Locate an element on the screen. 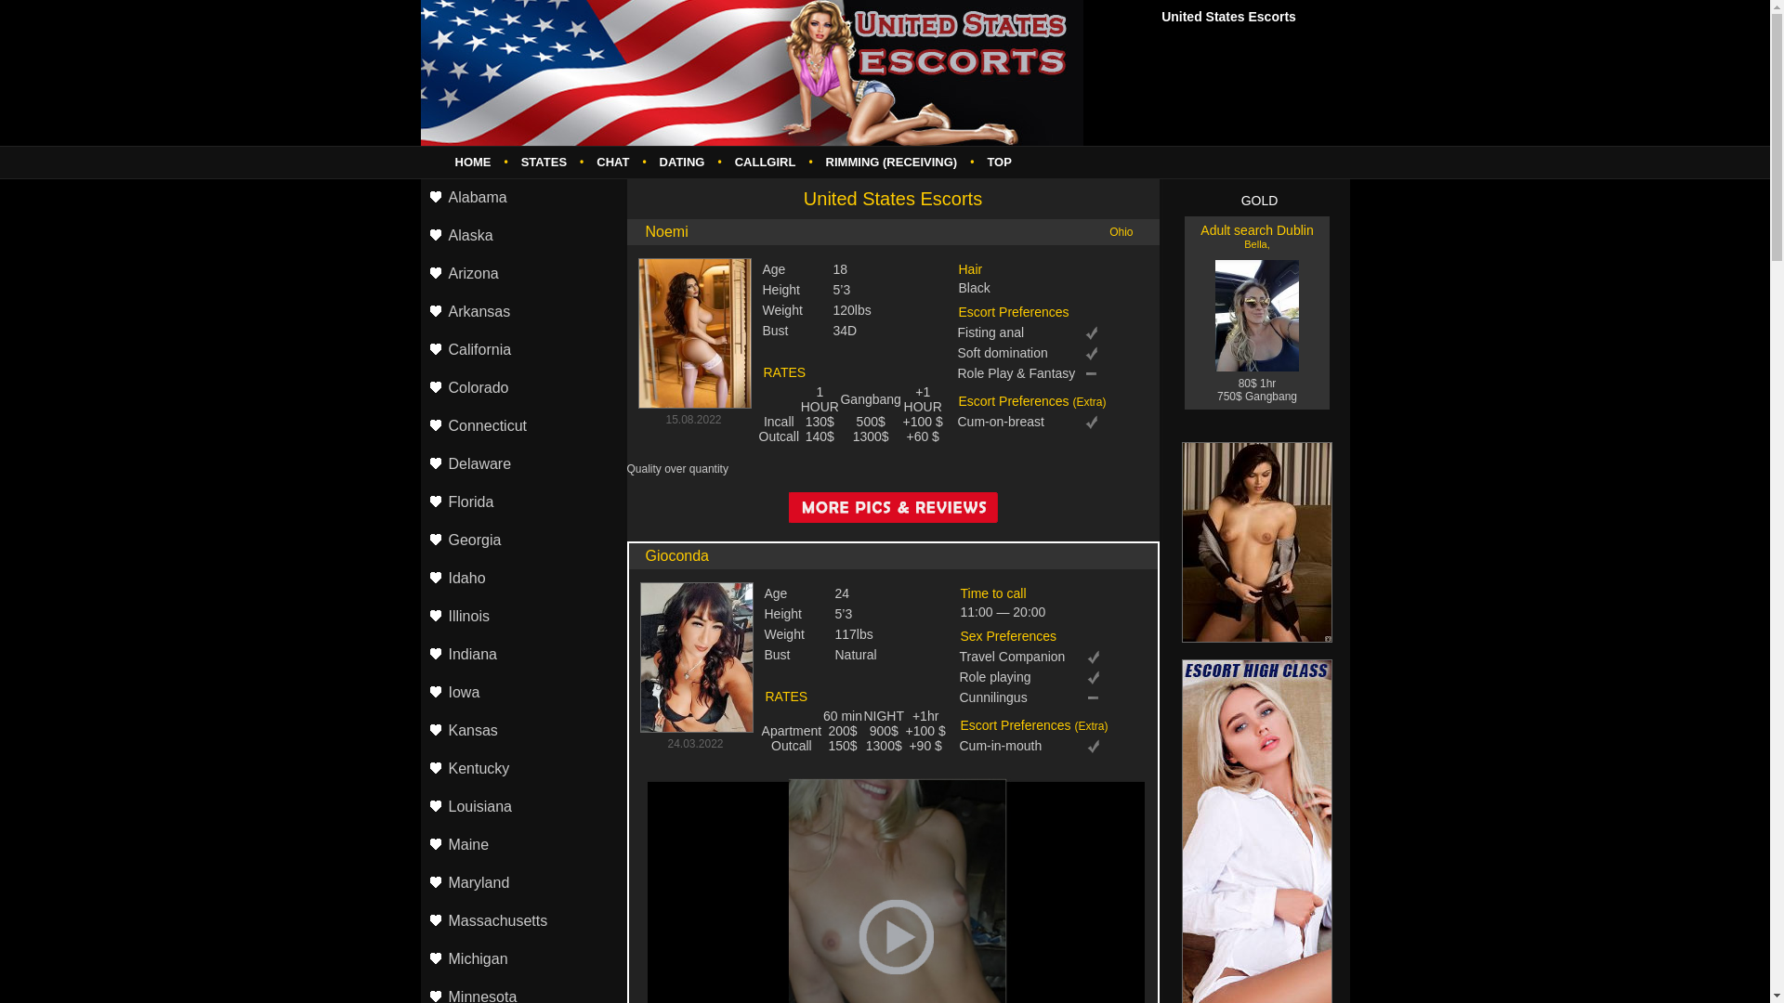  'Alabama' is located at coordinates (520, 198).